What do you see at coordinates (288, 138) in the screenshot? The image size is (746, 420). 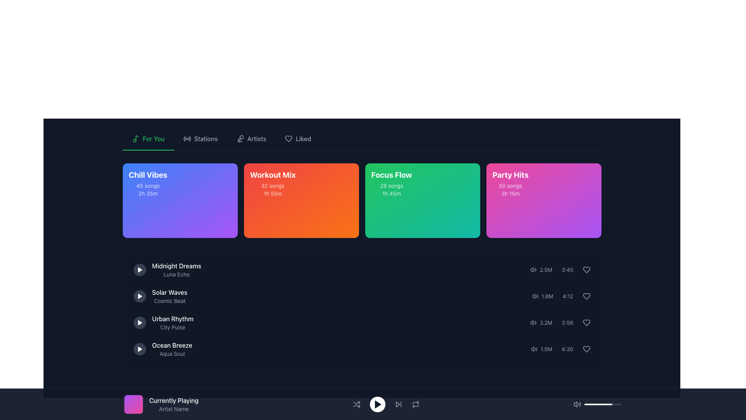 I see `the SVG Icon located under the 'Liked' tab` at bounding box center [288, 138].